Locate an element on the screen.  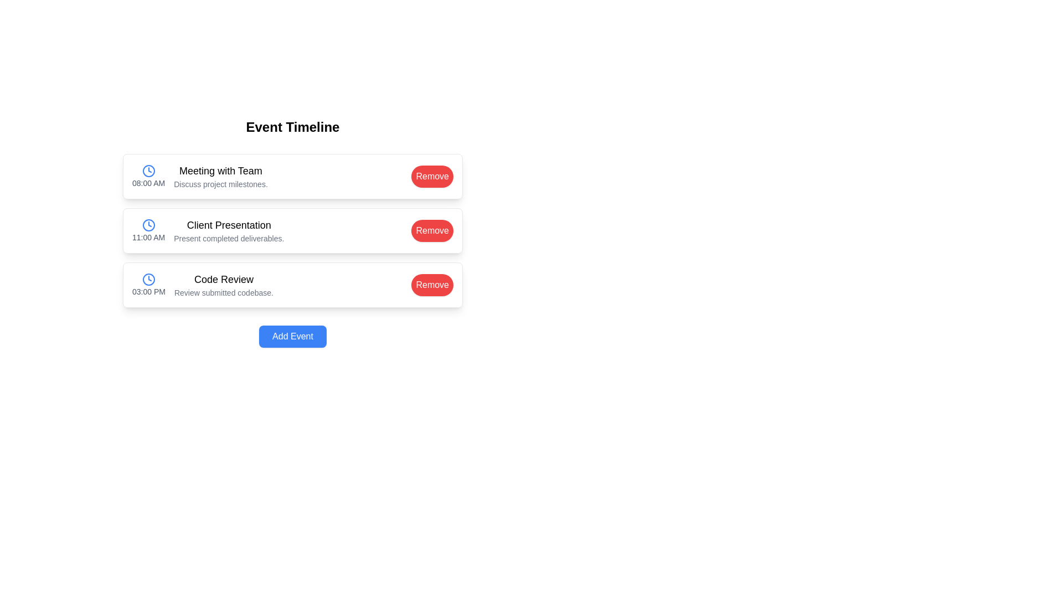
the static text element reading 'Present completed deliverables.' which is styled in a smaller, lighter gray font and is located within the 'Client Presentation' event entry, directly below the title 'Client Presentation' is located at coordinates (228, 238).